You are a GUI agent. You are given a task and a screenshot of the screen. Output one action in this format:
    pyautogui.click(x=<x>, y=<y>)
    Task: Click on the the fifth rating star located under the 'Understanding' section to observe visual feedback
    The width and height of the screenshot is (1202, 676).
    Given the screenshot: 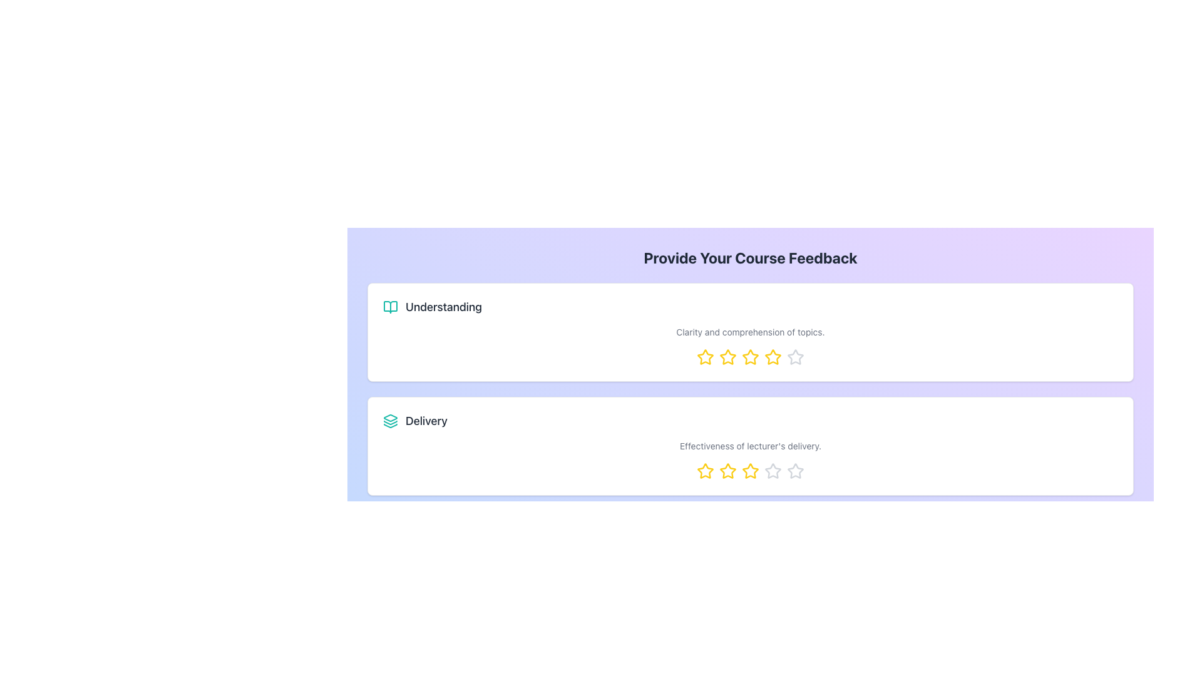 What is the action you would take?
    pyautogui.click(x=772, y=357)
    